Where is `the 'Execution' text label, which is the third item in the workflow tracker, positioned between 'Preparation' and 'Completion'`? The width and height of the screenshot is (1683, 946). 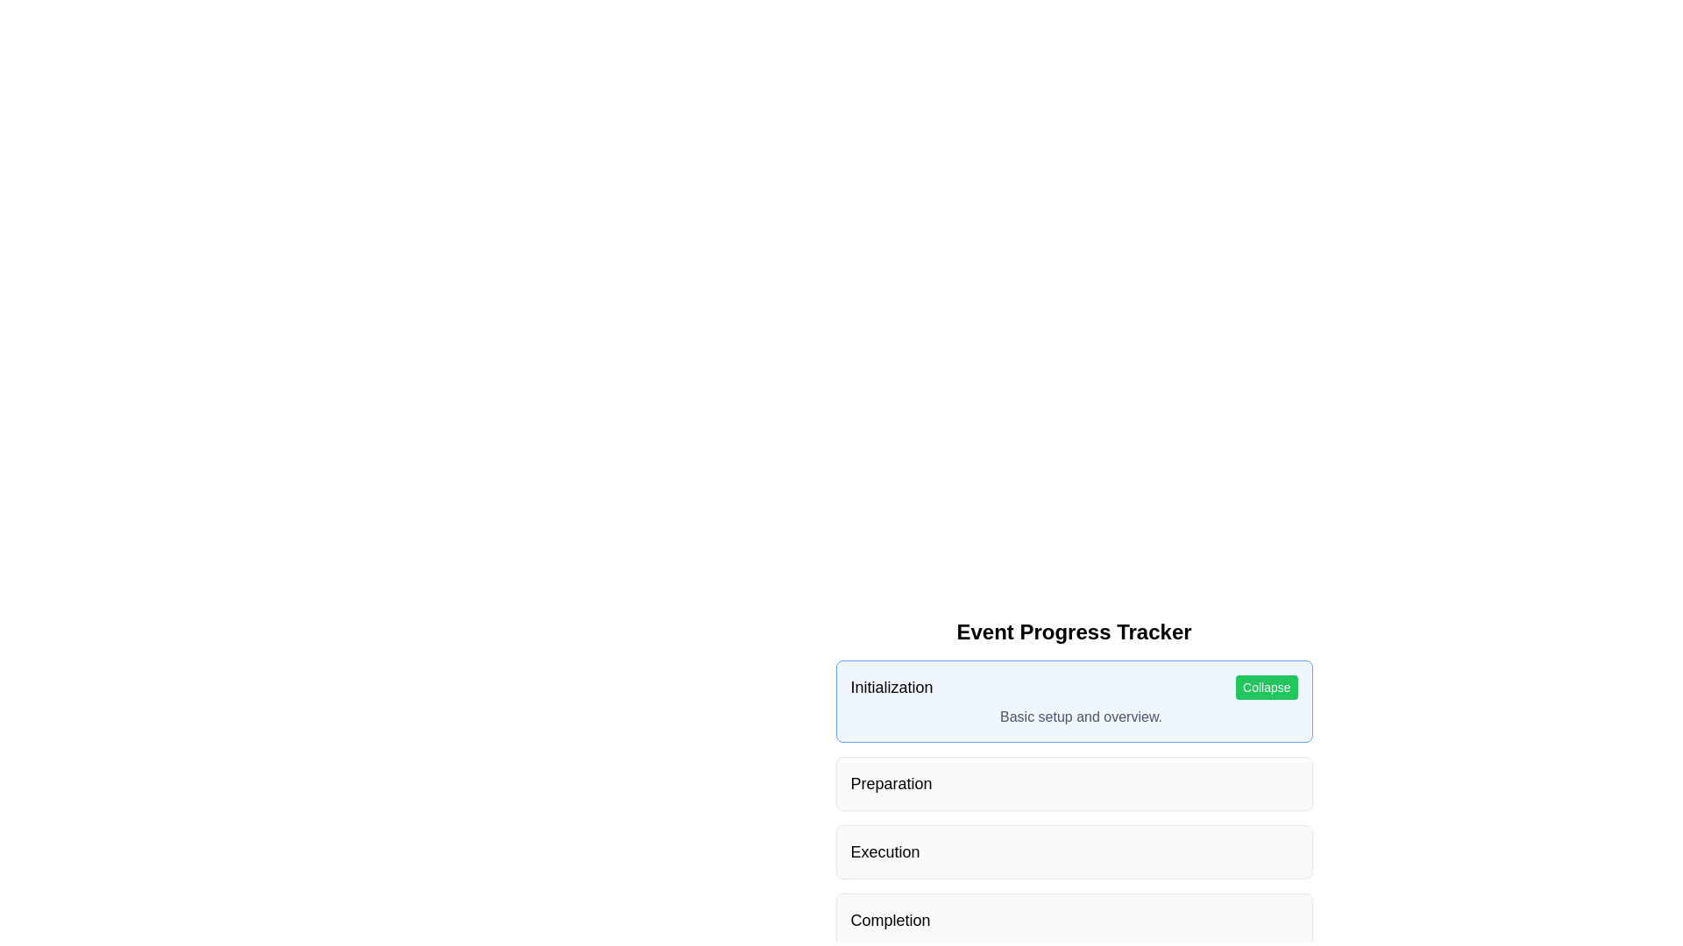
the 'Execution' text label, which is the third item in the workflow tracker, positioned between 'Preparation' and 'Completion' is located at coordinates (885, 851).